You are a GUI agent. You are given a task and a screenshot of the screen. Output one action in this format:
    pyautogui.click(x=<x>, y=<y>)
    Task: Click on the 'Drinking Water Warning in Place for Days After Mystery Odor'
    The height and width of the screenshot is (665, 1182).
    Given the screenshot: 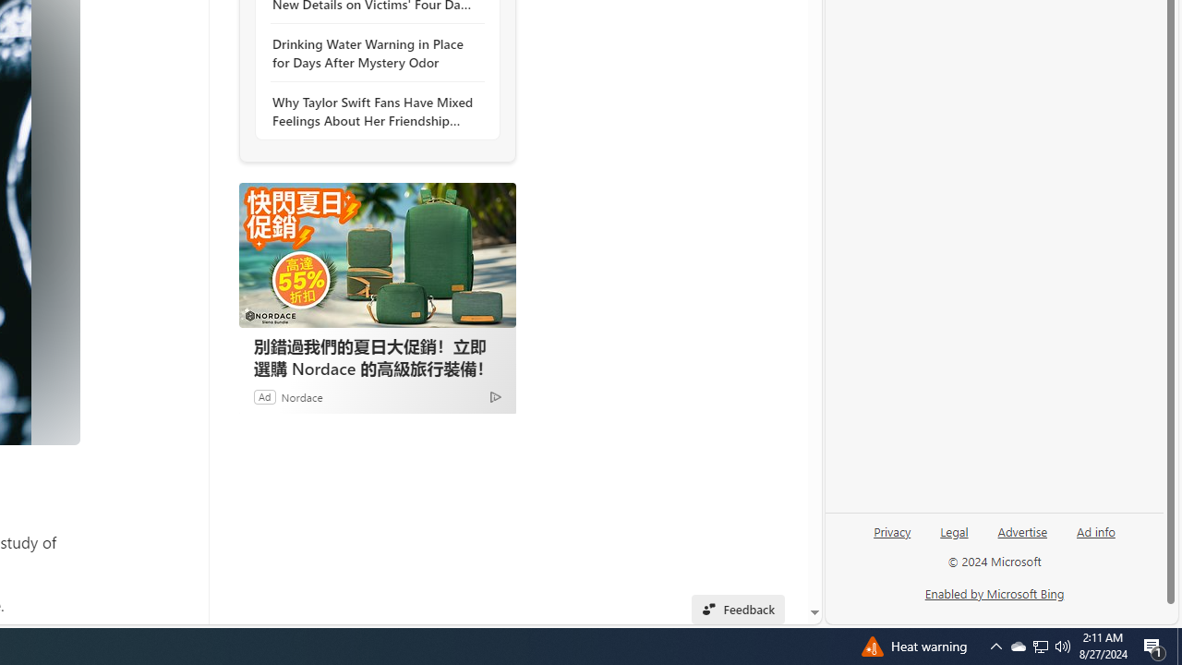 What is the action you would take?
    pyautogui.click(x=371, y=52)
    